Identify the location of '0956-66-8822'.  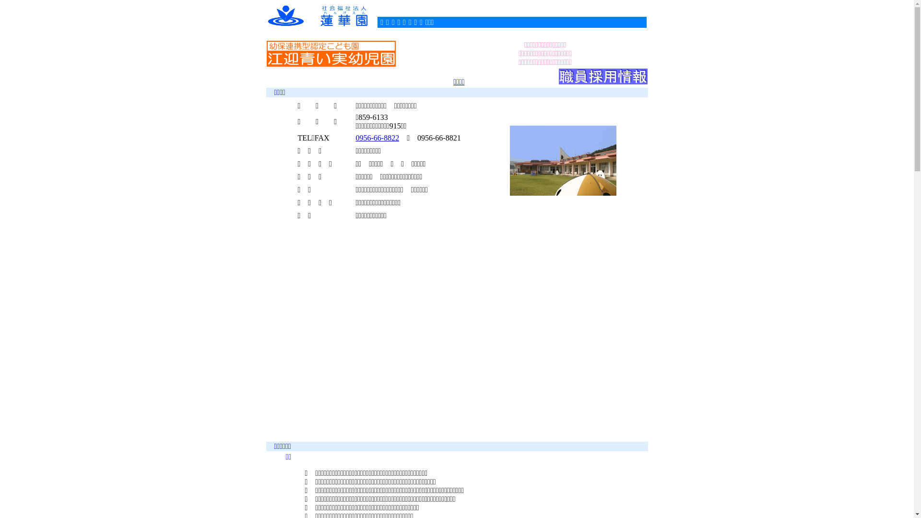
(377, 137).